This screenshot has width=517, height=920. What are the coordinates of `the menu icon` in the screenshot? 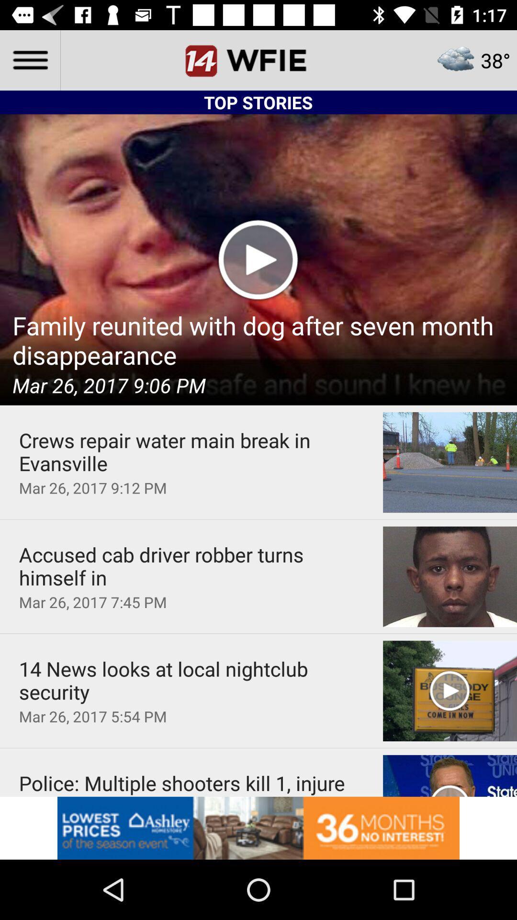 It's located at (29, 59).